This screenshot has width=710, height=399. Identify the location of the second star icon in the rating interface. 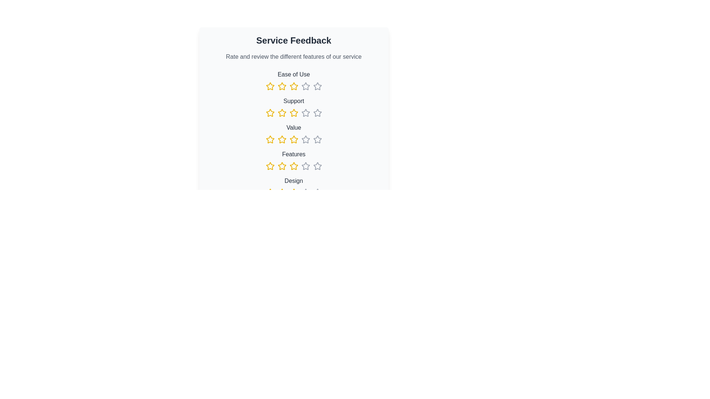
(270, 139).